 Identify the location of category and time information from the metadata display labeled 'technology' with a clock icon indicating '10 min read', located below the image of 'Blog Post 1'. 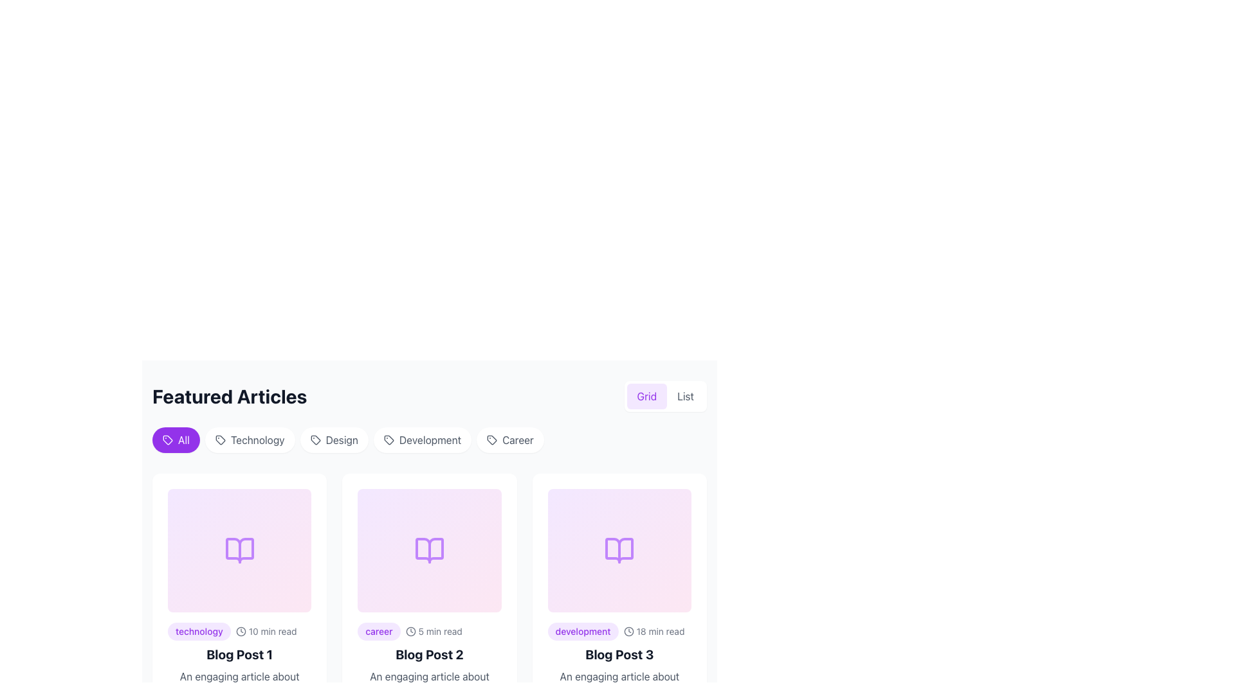
(239, 631).